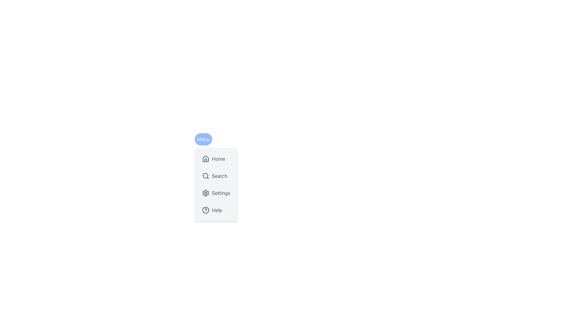 The width and height of the screenshot is (587, 330). Describe the element at coordinates (205, 175) in the screenshot. I see `the Circular graphic SVG element that represents the search feature in the vertical menu list` at that location.